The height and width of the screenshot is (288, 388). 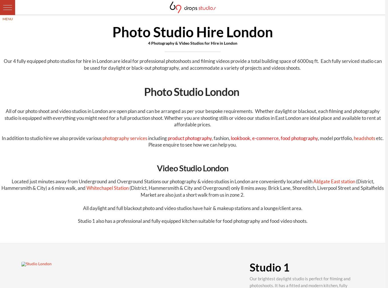 What do you see at coordinates (192, 91) in the screenshot?
I see `'Photo Studio London'` at bounding box center [192, 91].